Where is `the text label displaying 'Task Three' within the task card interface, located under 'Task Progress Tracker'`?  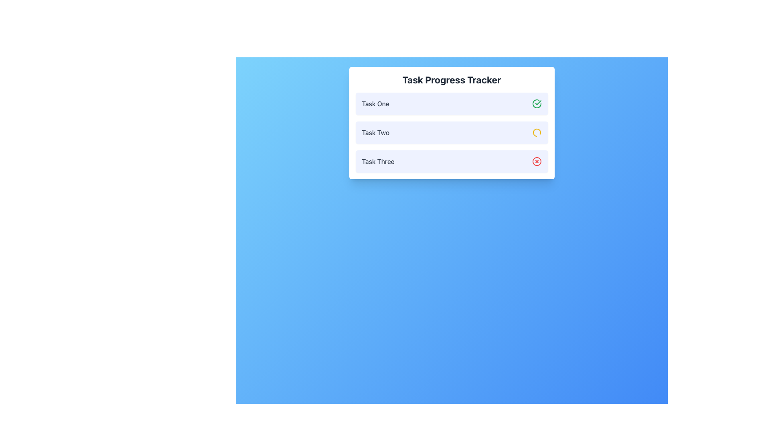 the text label displaying 'Task Three' within the task card interface, located under 'Task Progress Tracker' is located at coordinates (378, 161).